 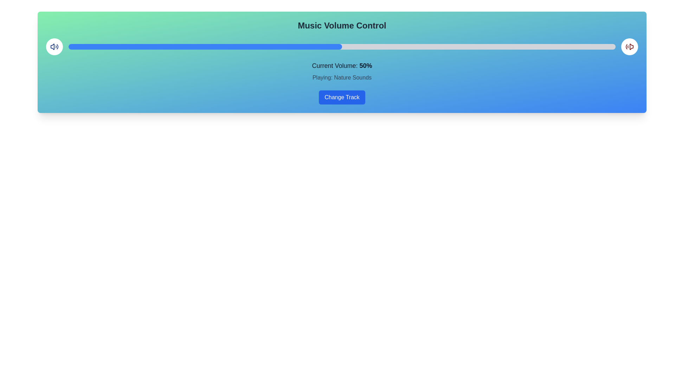 What do you see at coordinates (54, 46) in the screenshot?
I see `the volume control icon, which is centered within a circular button on the far right of the interface` at bounding box center [54, 46].